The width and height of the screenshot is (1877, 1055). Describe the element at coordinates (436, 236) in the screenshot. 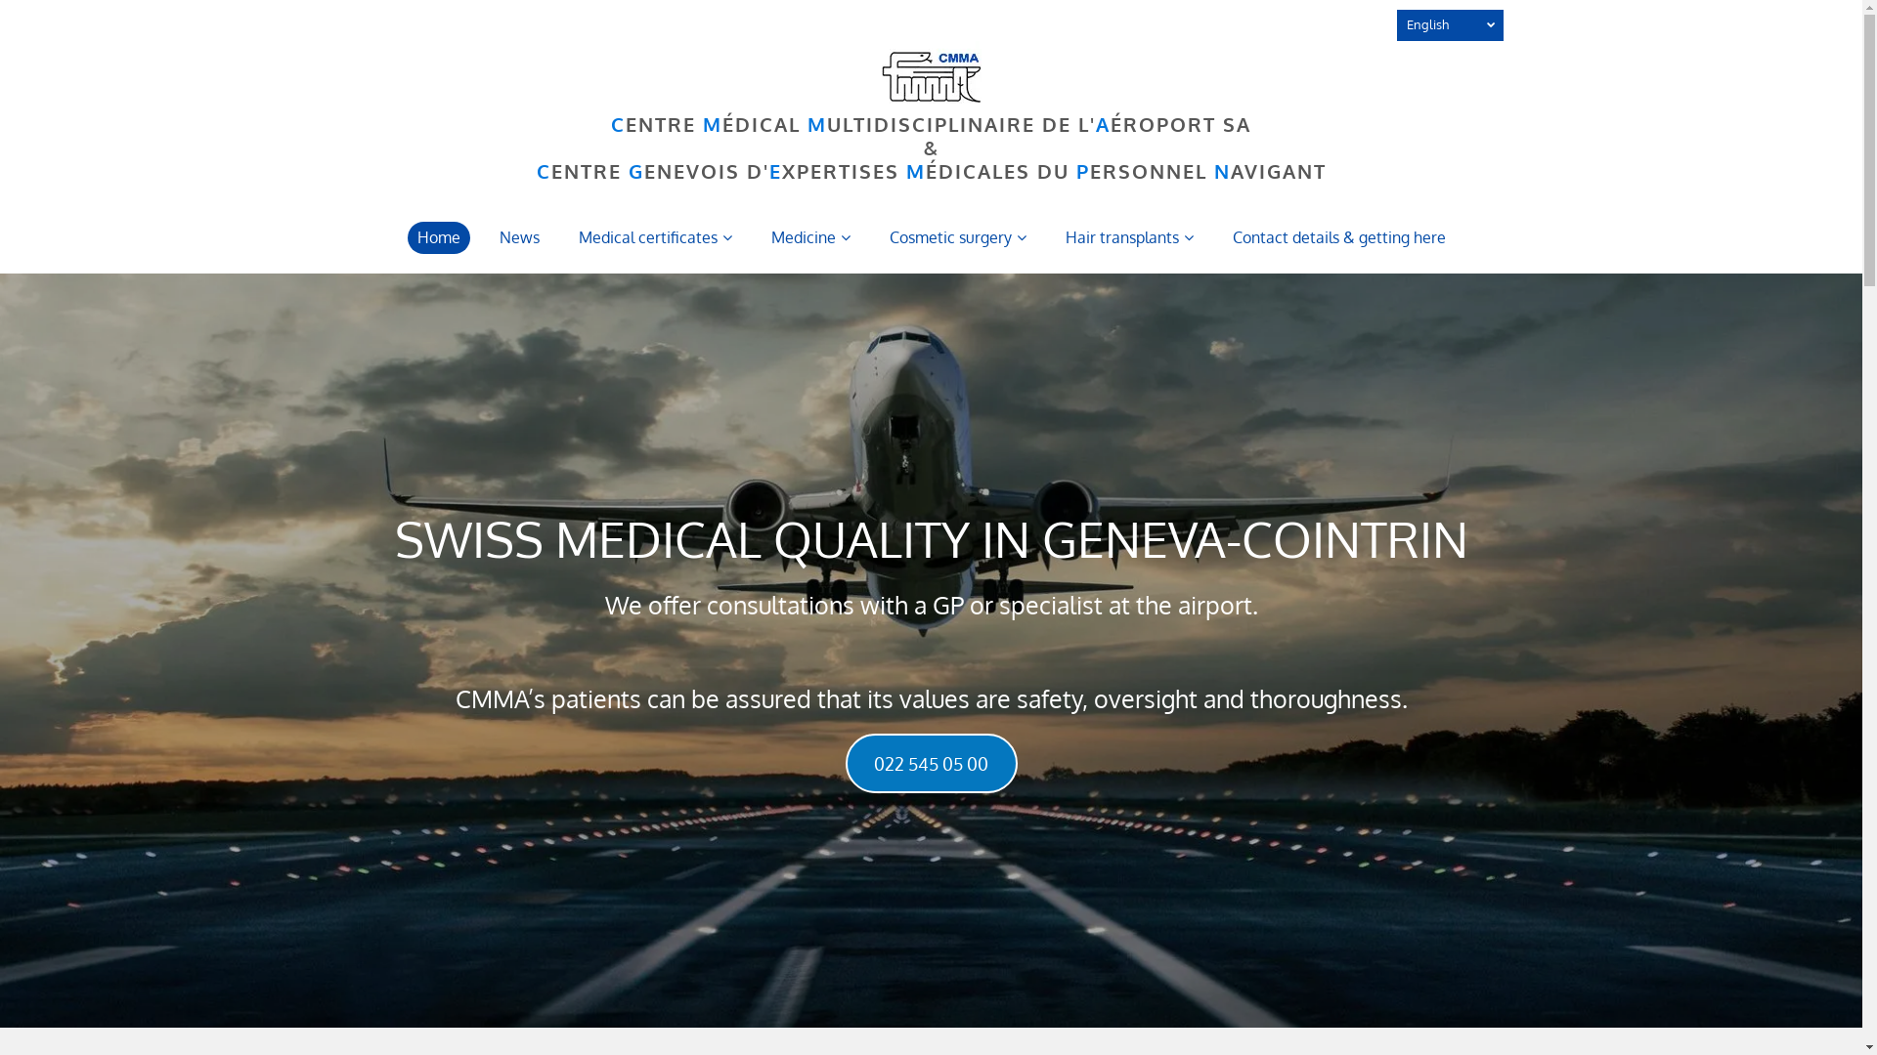

I see `'Home'` at that location.